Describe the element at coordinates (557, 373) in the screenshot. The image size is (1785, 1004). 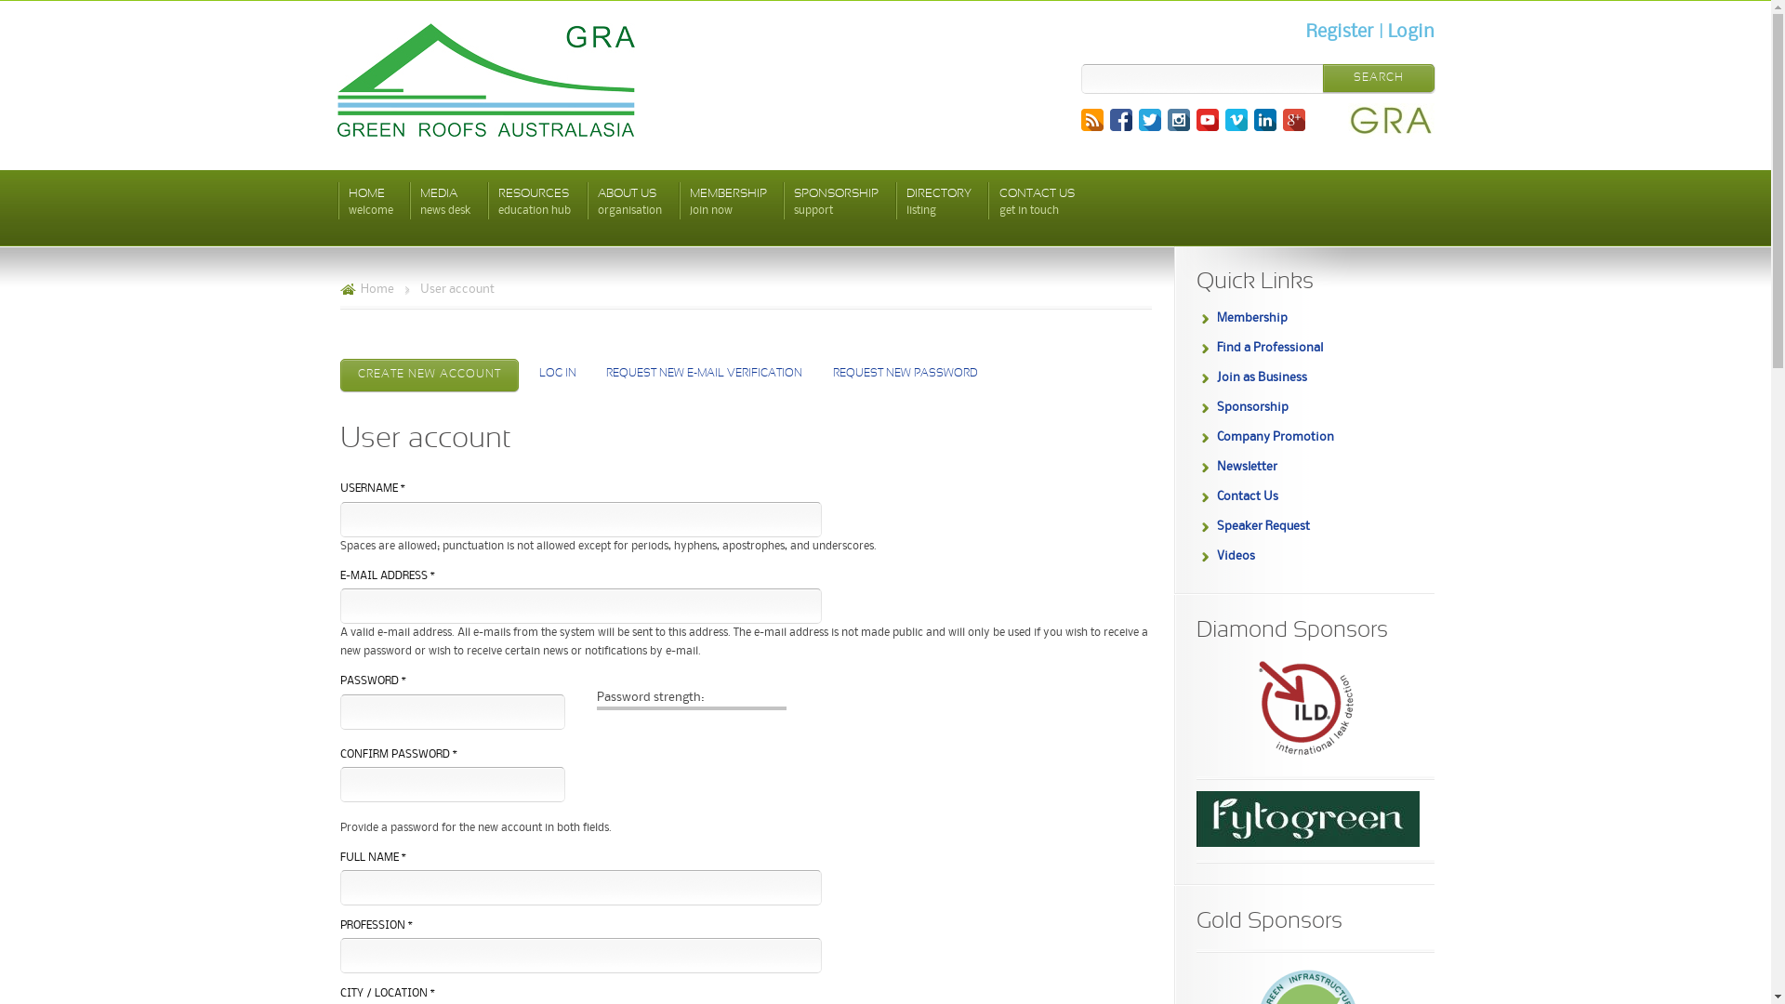
I see `'LOG IN'` at that location.